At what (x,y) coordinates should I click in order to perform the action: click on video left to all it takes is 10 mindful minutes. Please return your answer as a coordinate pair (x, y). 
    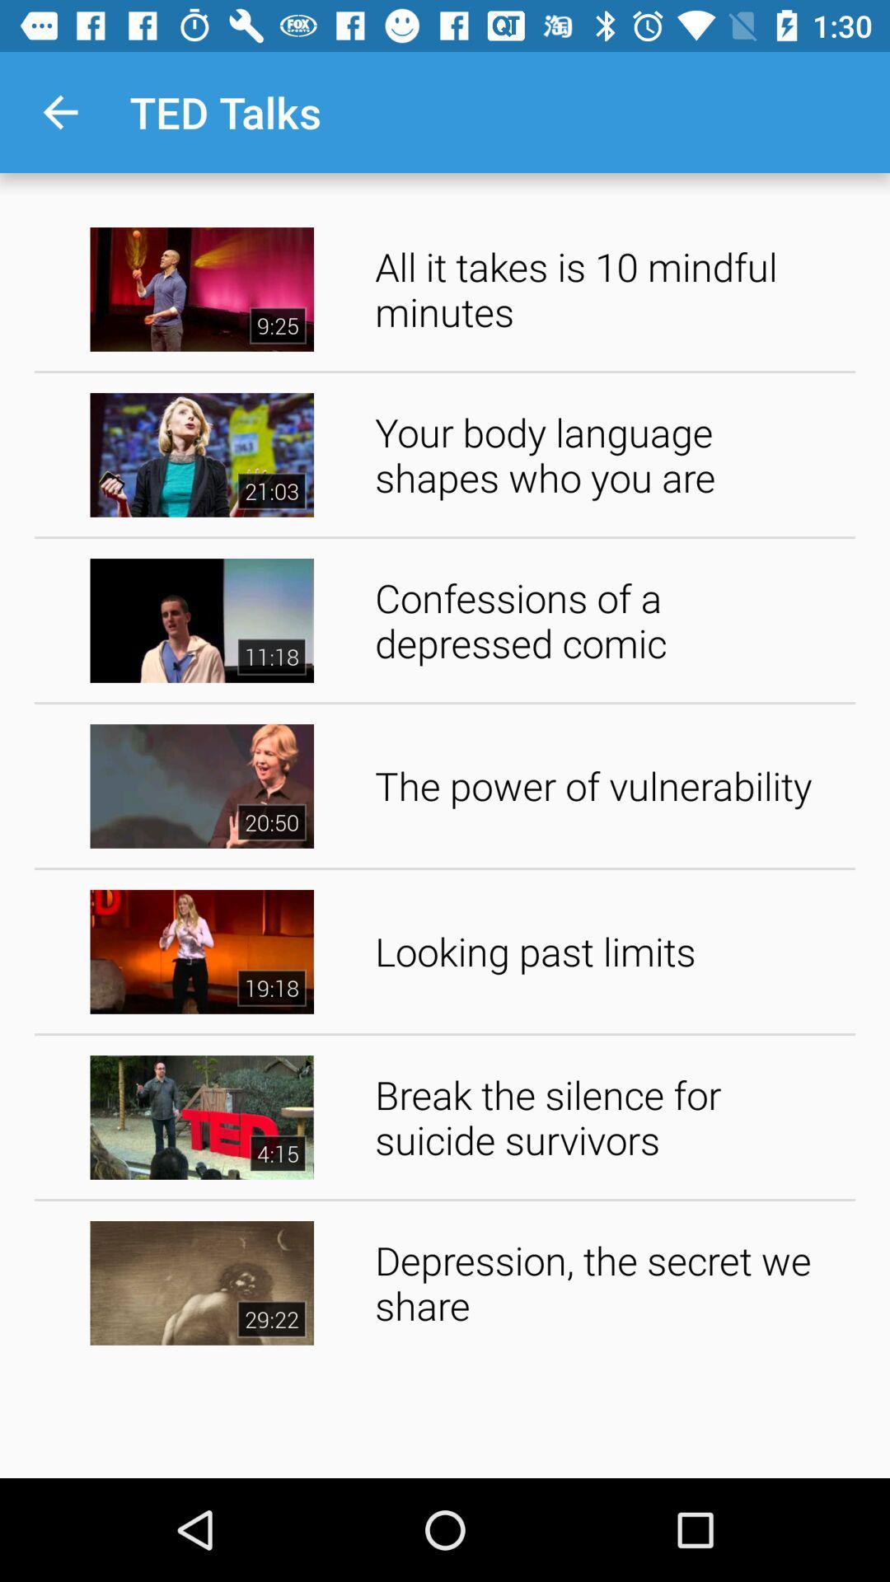
    Looking at the image, I should click on (201, 289).